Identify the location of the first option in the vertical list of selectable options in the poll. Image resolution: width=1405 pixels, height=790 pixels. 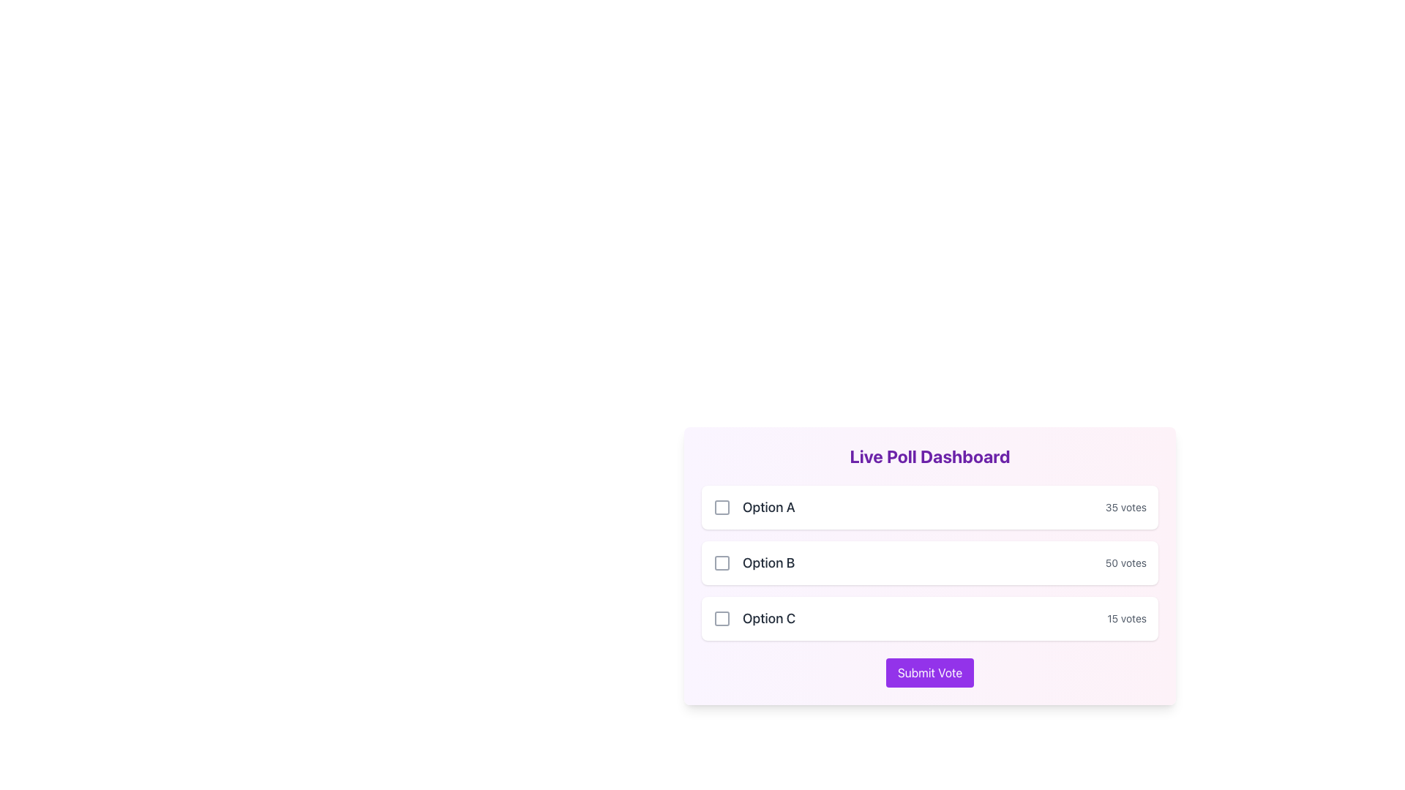
(929, 507).